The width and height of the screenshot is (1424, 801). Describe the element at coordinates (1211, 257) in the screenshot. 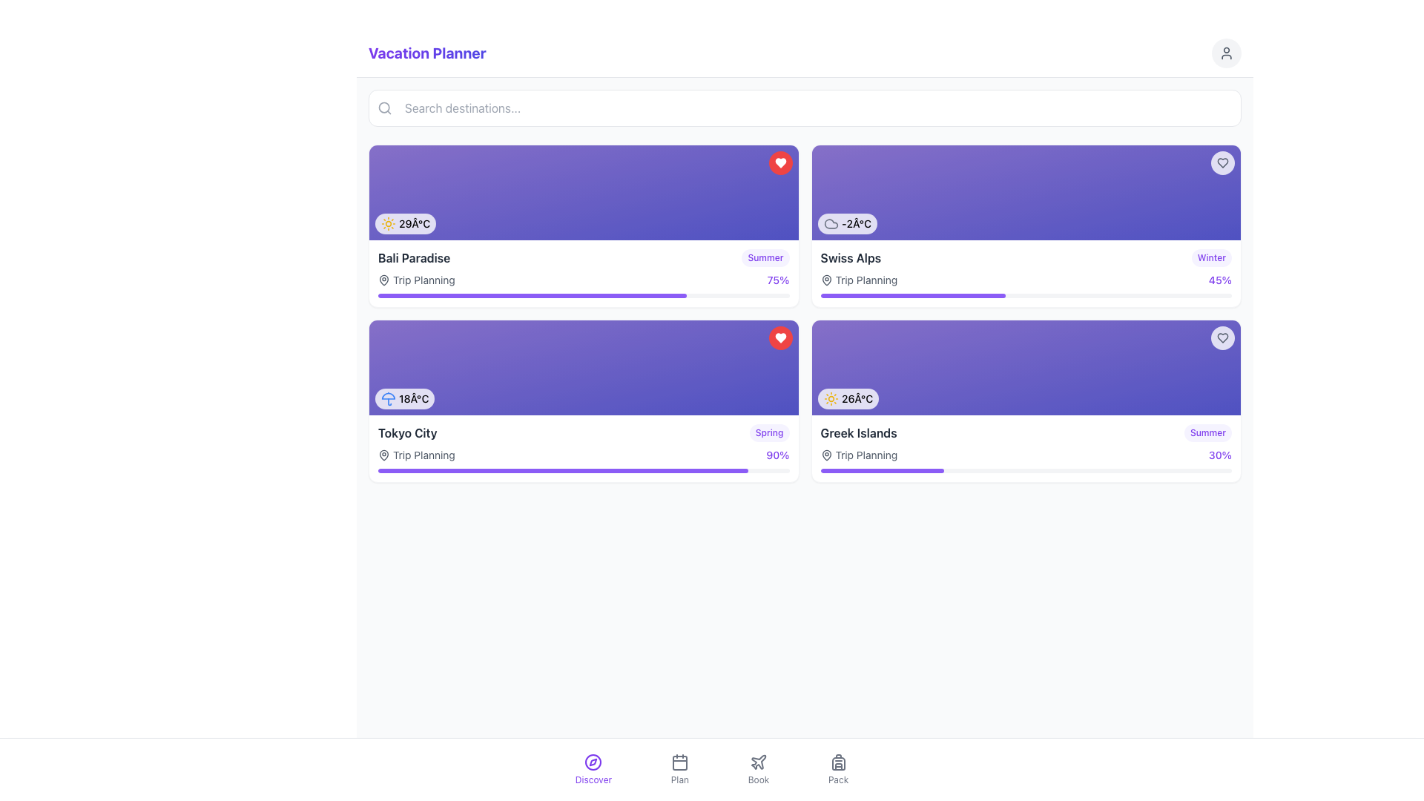

I see `the tag or label indicating a category related to the 'Swiss Alps' block, located to the right of the block at the top-right corner on the second row of blocks` at that location.